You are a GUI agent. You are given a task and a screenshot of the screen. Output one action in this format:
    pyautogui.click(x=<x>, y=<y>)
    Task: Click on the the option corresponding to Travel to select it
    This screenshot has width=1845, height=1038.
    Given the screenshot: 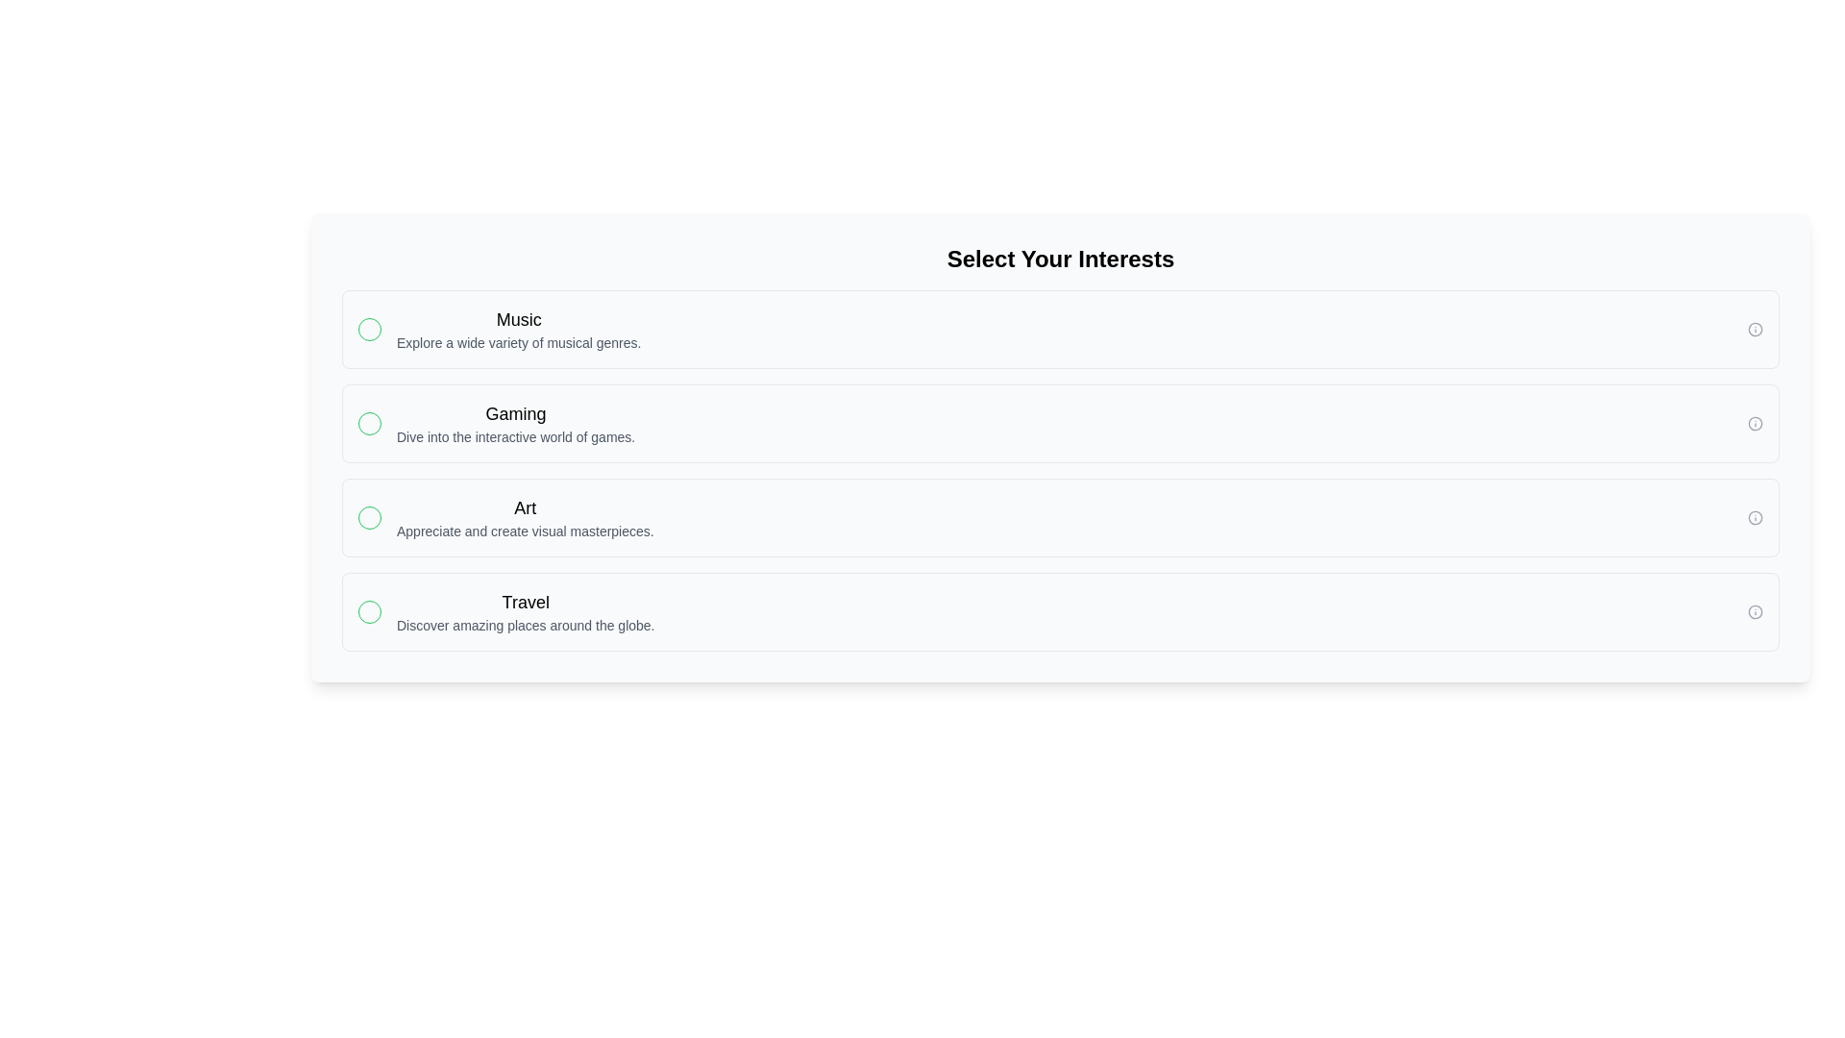 What is the action you would take?
    pyautogui.click(x=1060, y=611)
    